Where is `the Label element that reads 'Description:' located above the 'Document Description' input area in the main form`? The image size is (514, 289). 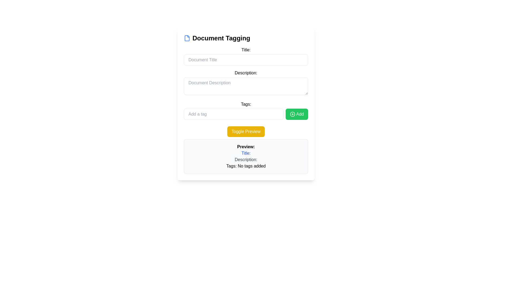 the Label element that reads 'Description:' located above the 'Document Description' input area in the main form is located at coordinates (245, 73).